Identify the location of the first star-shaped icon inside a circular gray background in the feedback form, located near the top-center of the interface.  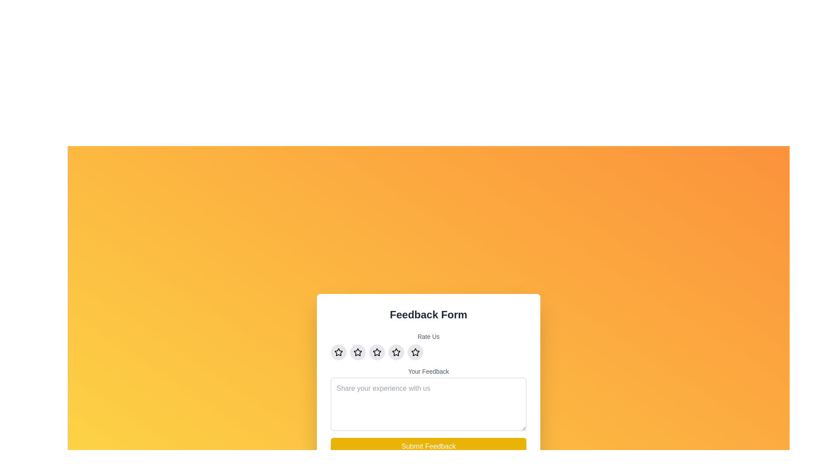
(338, 352).